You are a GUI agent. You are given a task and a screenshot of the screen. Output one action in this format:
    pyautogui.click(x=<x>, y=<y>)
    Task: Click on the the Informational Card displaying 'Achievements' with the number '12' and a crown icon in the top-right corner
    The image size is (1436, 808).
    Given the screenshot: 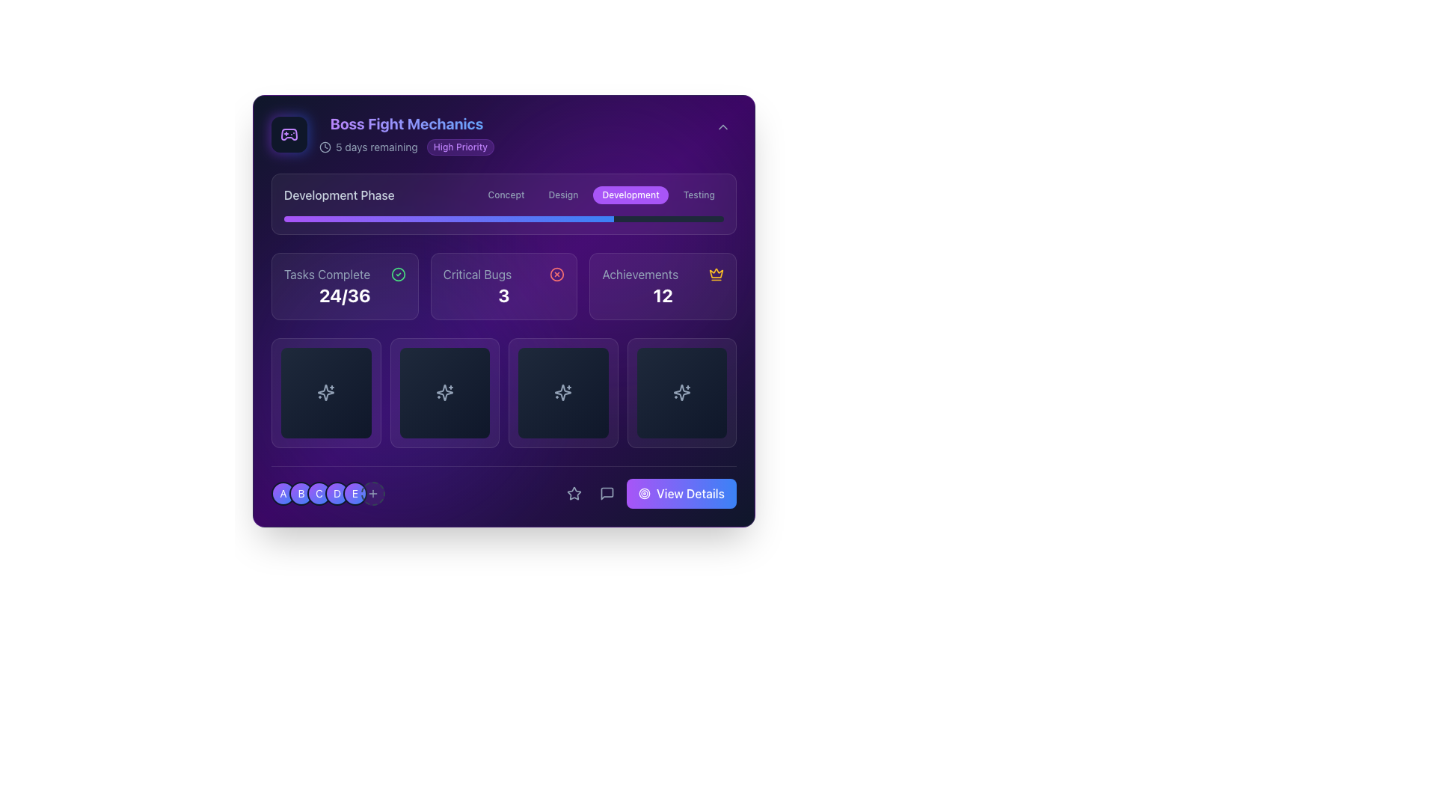 What is the action you would take?
    pyautogui.click(x=662, y=286)
    